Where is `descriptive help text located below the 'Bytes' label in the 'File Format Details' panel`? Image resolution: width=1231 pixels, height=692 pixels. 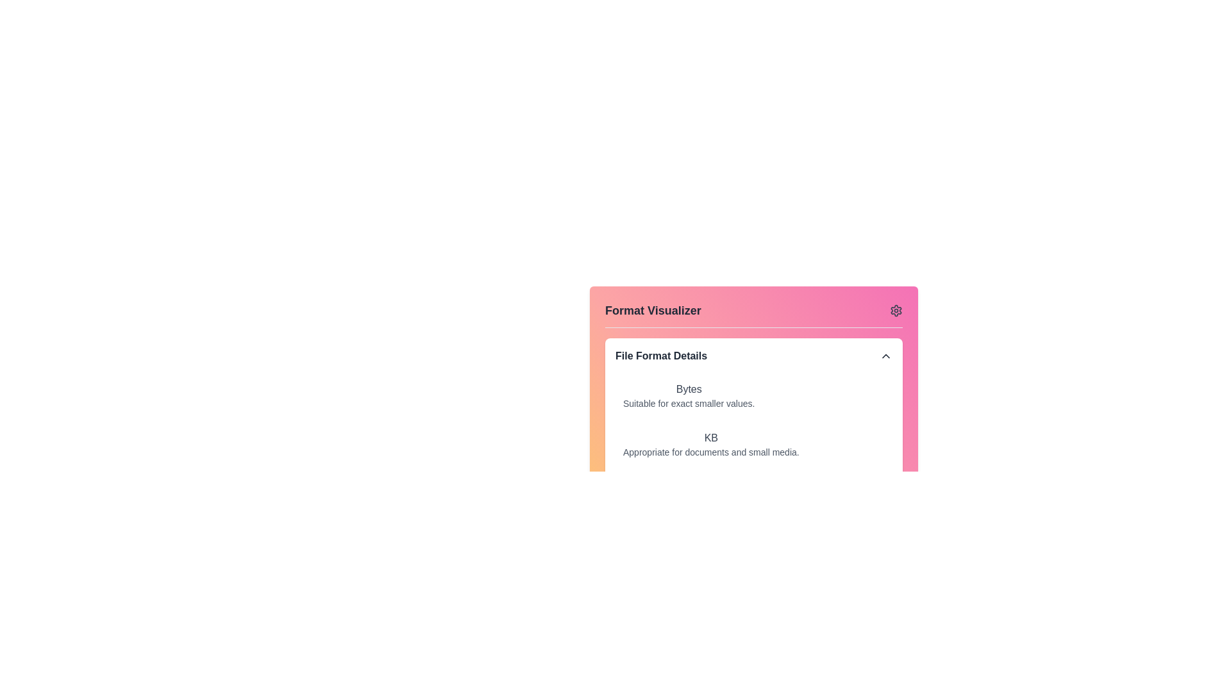
descriptive help text located below the 'Bytes' label in the 'File Format Details' panel is located at coordinates (688, 402).